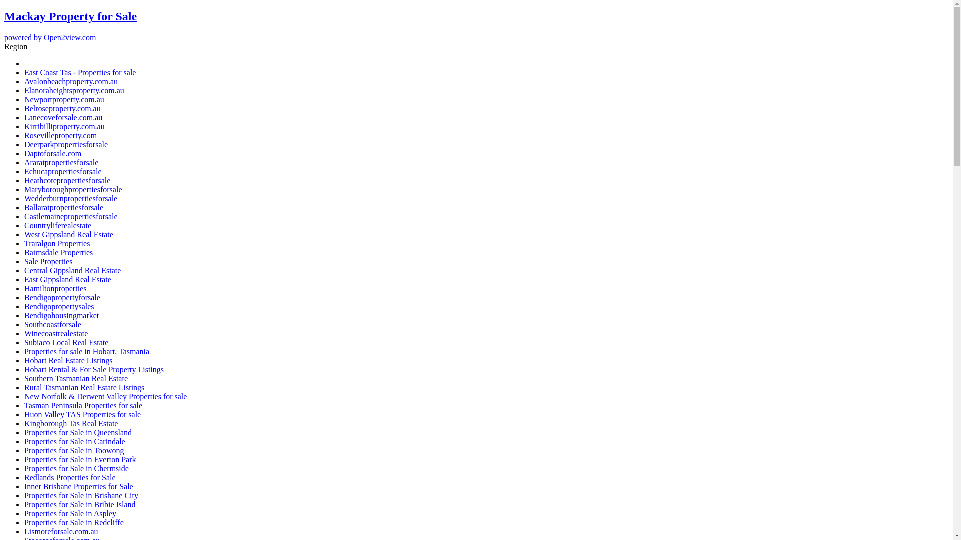 The image size is (961, 540). Describe the element at coordinates (73, 522) in the screenshot. I see `'Properties for Sale in Redcliffe'` at that location.